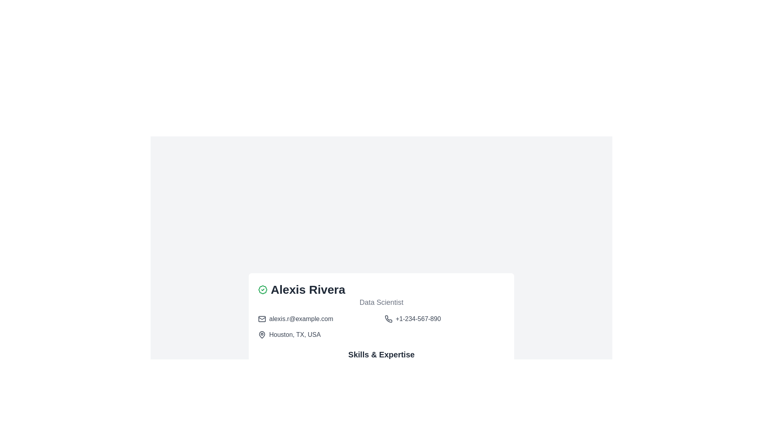 The height and width of the screenshot is (427, 759). Describe the element at coordinates (318, 335) in the screenshot. I see `the text element displaying location information ('Houston, TX, USA') with an inline icon, which is positioned in the lower part of a card layout, below the email information and adjacent to the phone number` at that location.